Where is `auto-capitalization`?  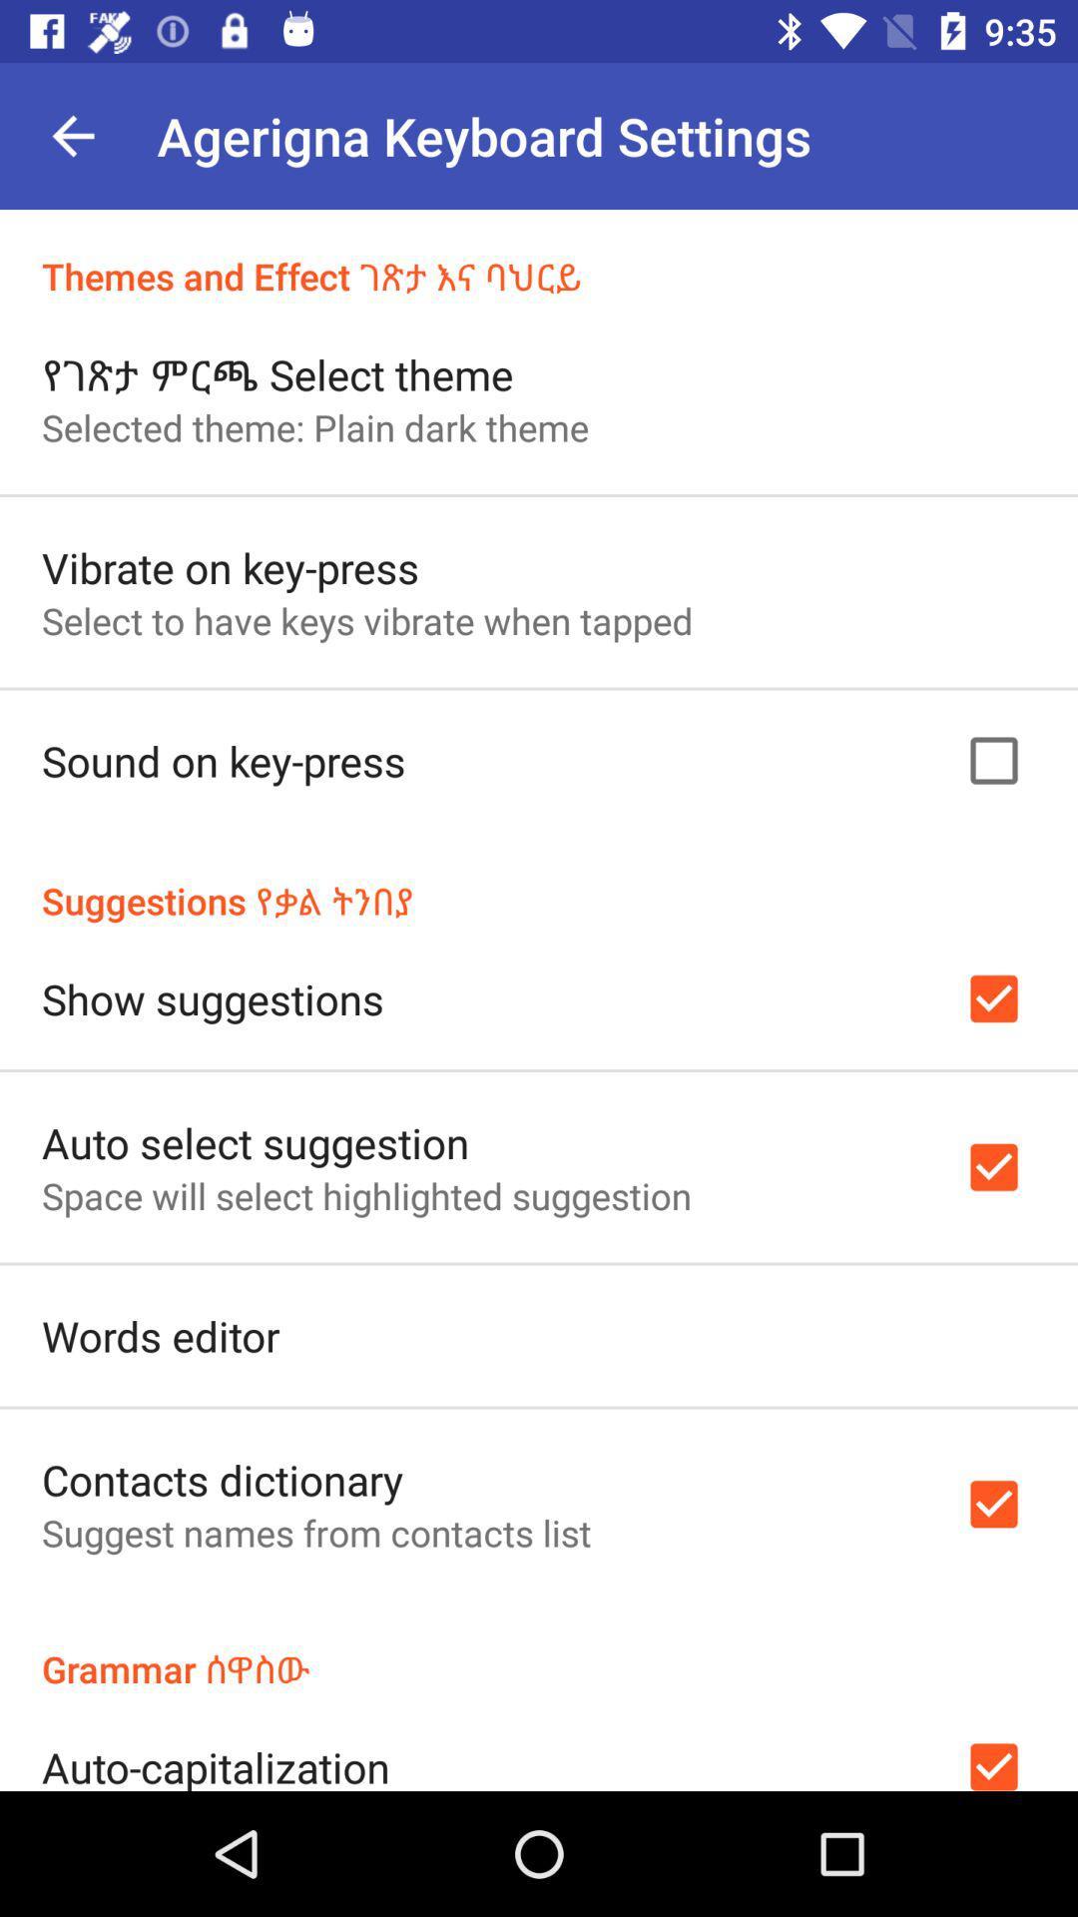 auto-capitalization is located at coordinates (216, 1764).